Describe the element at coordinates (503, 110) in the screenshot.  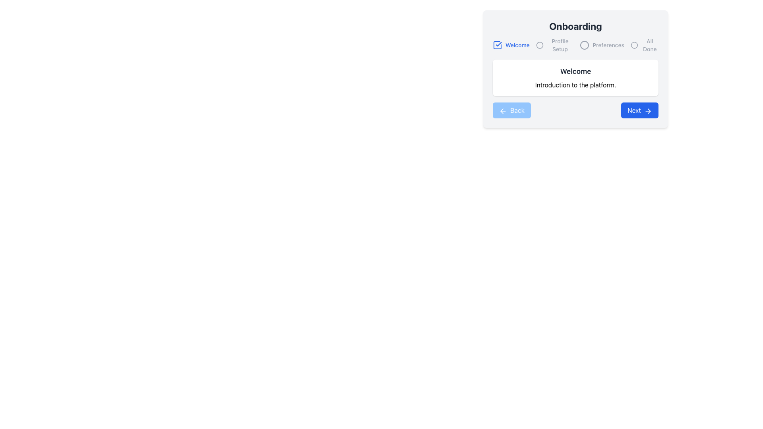
I see `the 'Back' button which contains a blue background arrow icon pointing left, located towards the bottom-left corner of the dialog box` at that location.